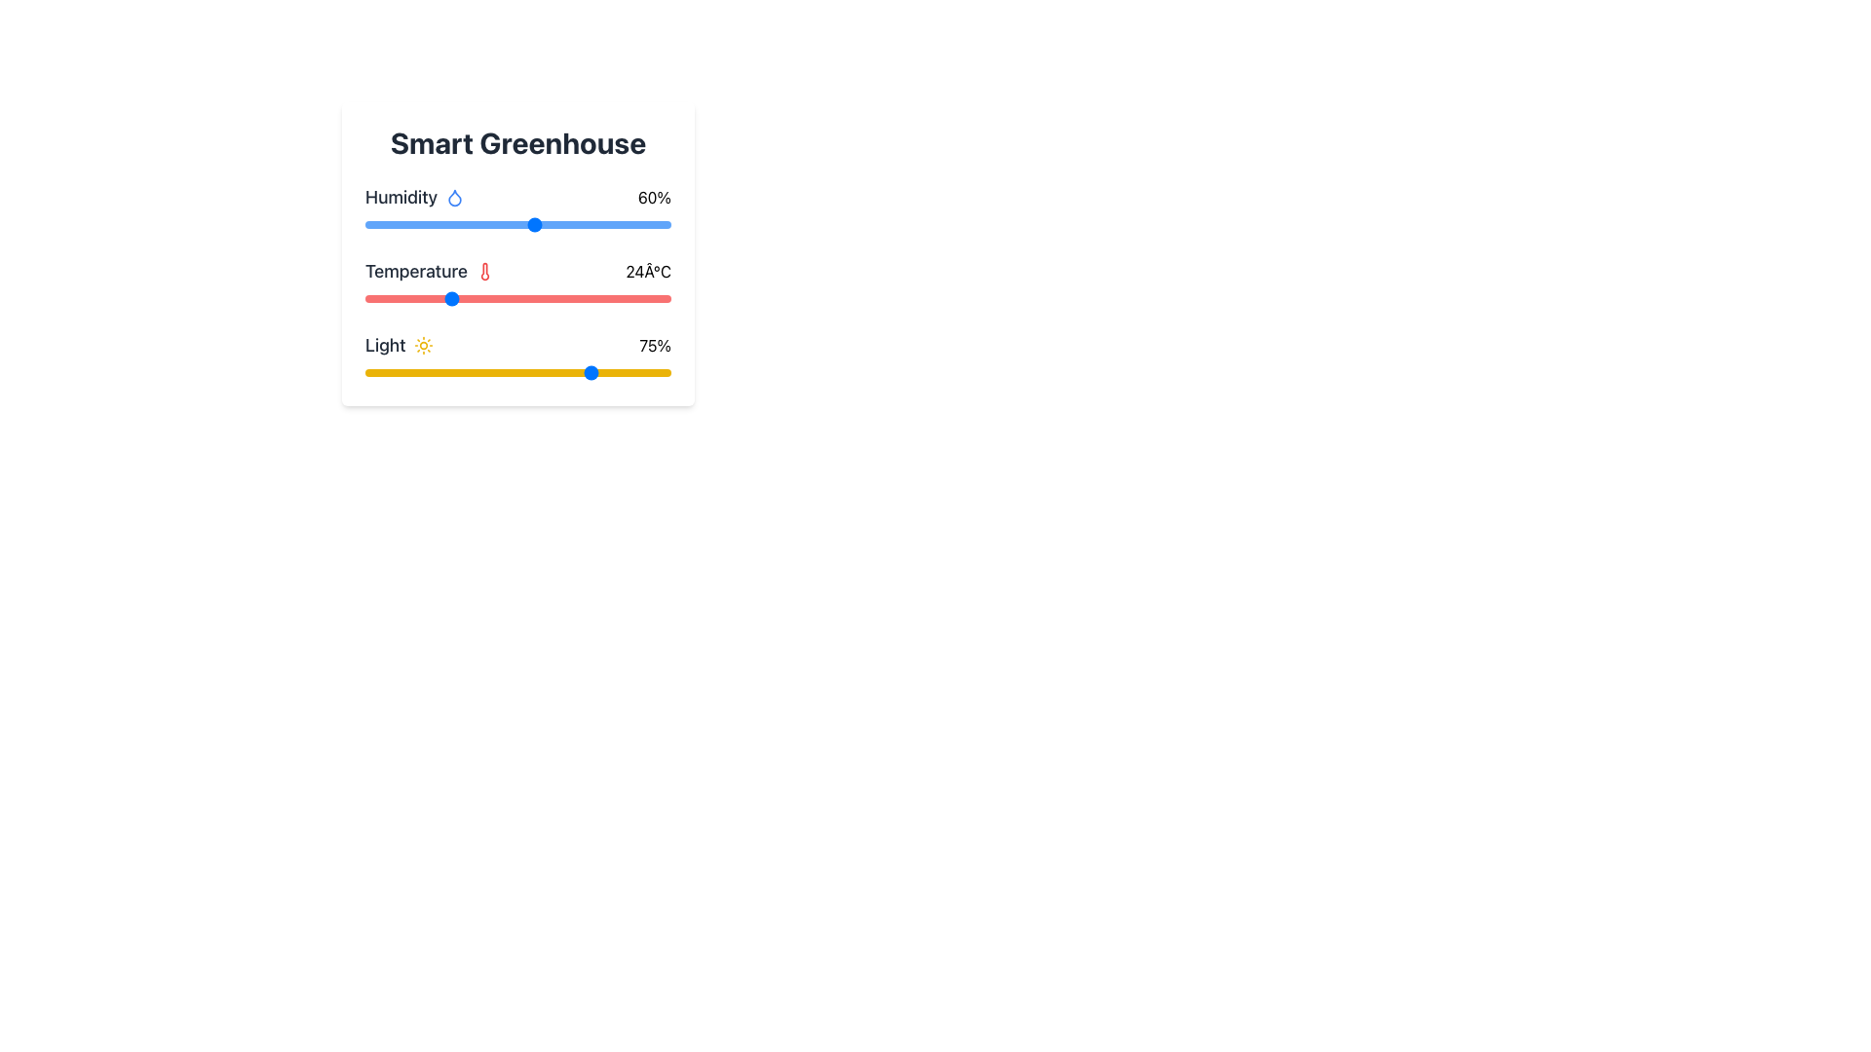 The height and width of the screenshot is (1052, 1871). What do you see at coordinates (398, 344) in the screenshot?
I see `the Label with an icon that describes the light intensity data, located in the 'Smart Greenhouse' panel under 'Light 75%'` at bounding box center [398, 344].